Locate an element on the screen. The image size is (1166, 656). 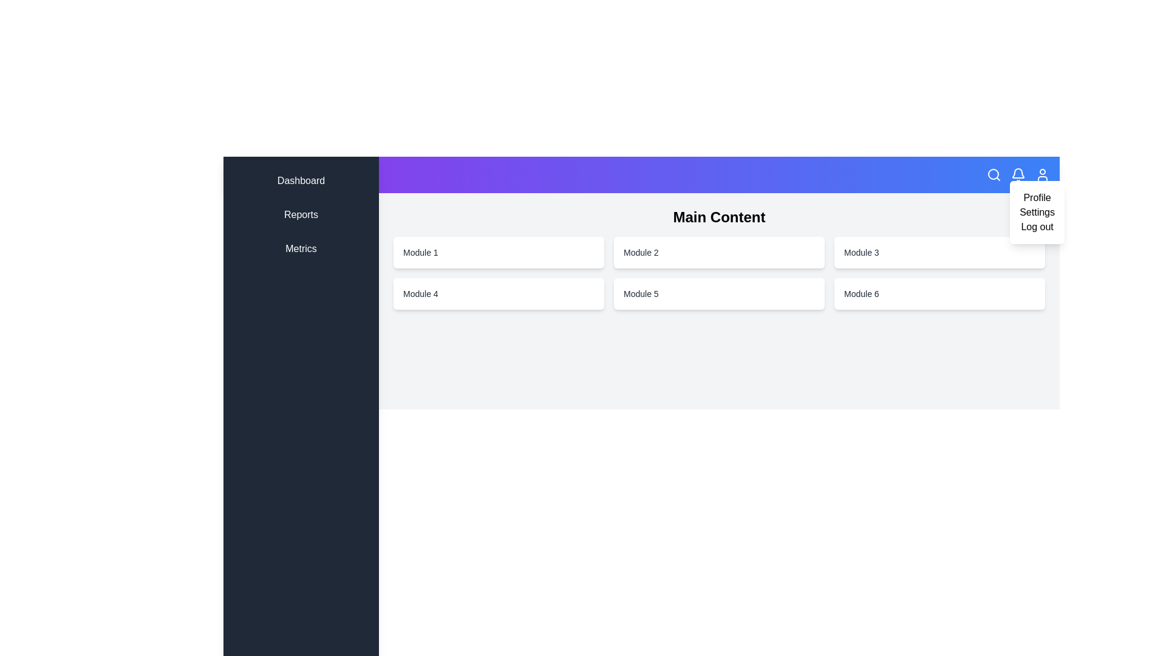
the 'Settings' text label in the vertical menu is located at coordinates (1037, 212).